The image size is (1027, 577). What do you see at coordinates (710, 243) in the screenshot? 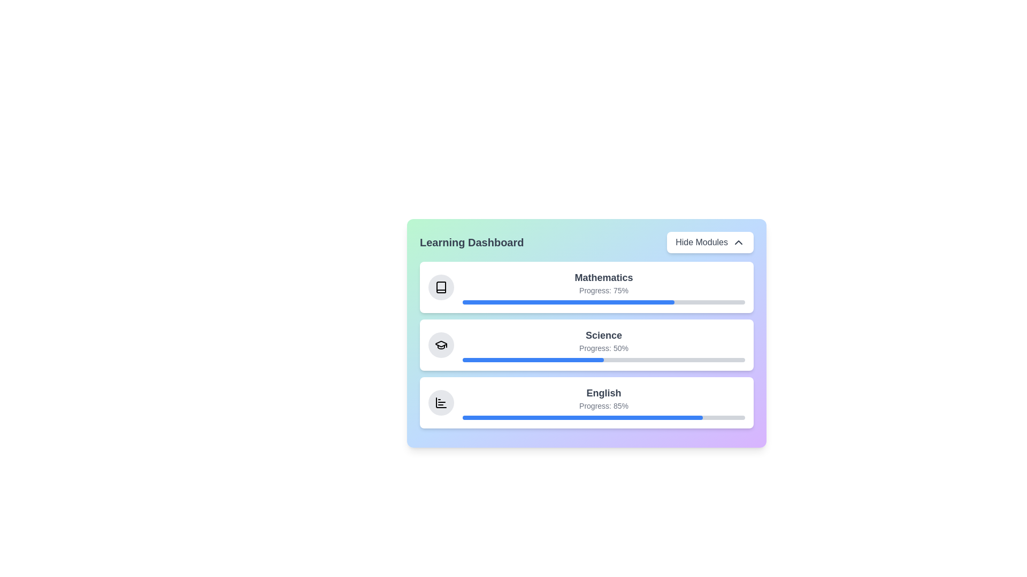
I see `the 'Hide Modules' button to toggle the visibility of the module list` at bounding box center [710, 243].